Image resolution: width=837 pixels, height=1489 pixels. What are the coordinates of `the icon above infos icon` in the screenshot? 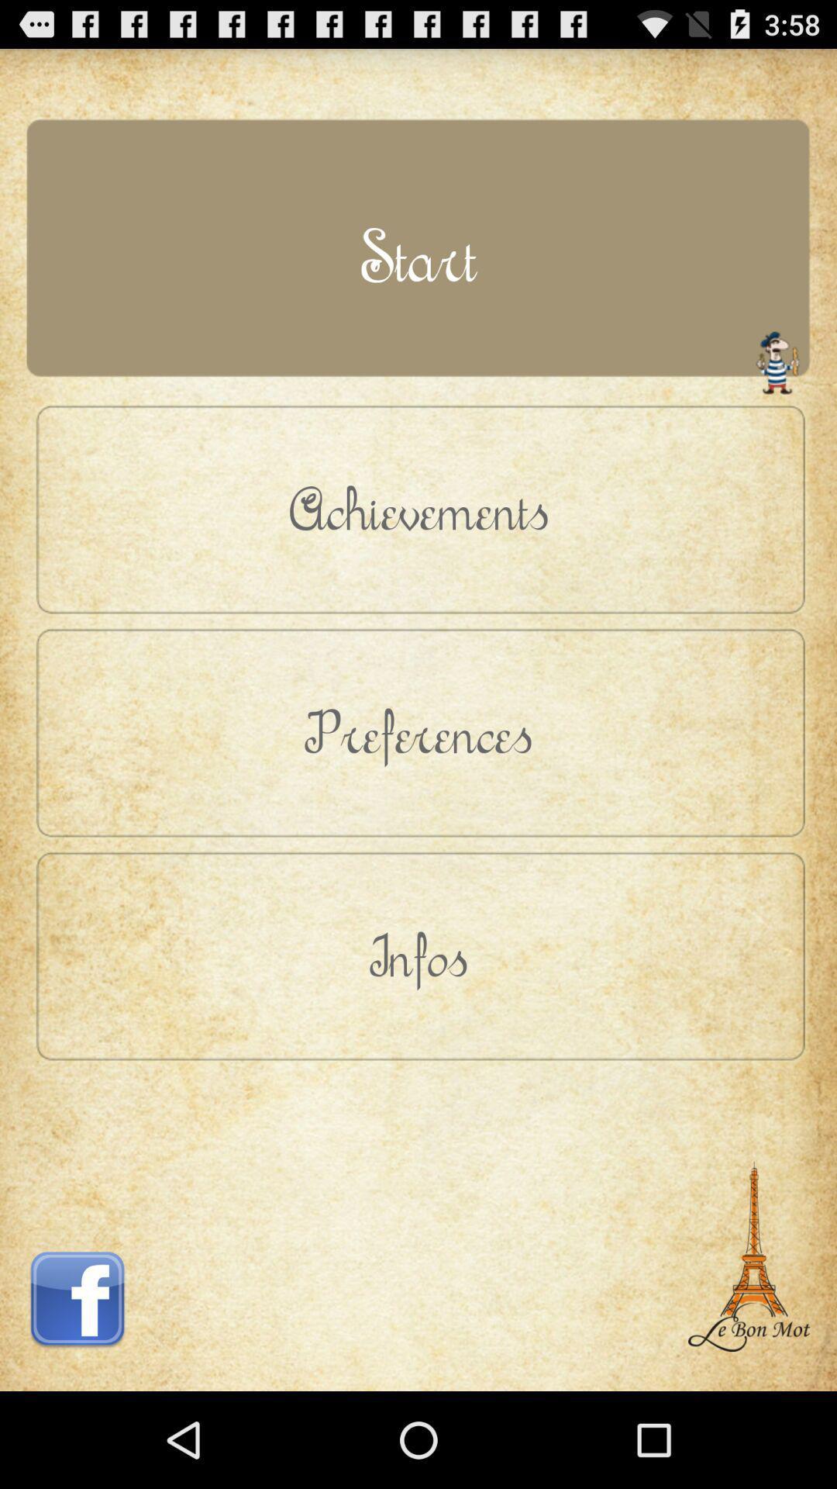 It's located at (418, 731).